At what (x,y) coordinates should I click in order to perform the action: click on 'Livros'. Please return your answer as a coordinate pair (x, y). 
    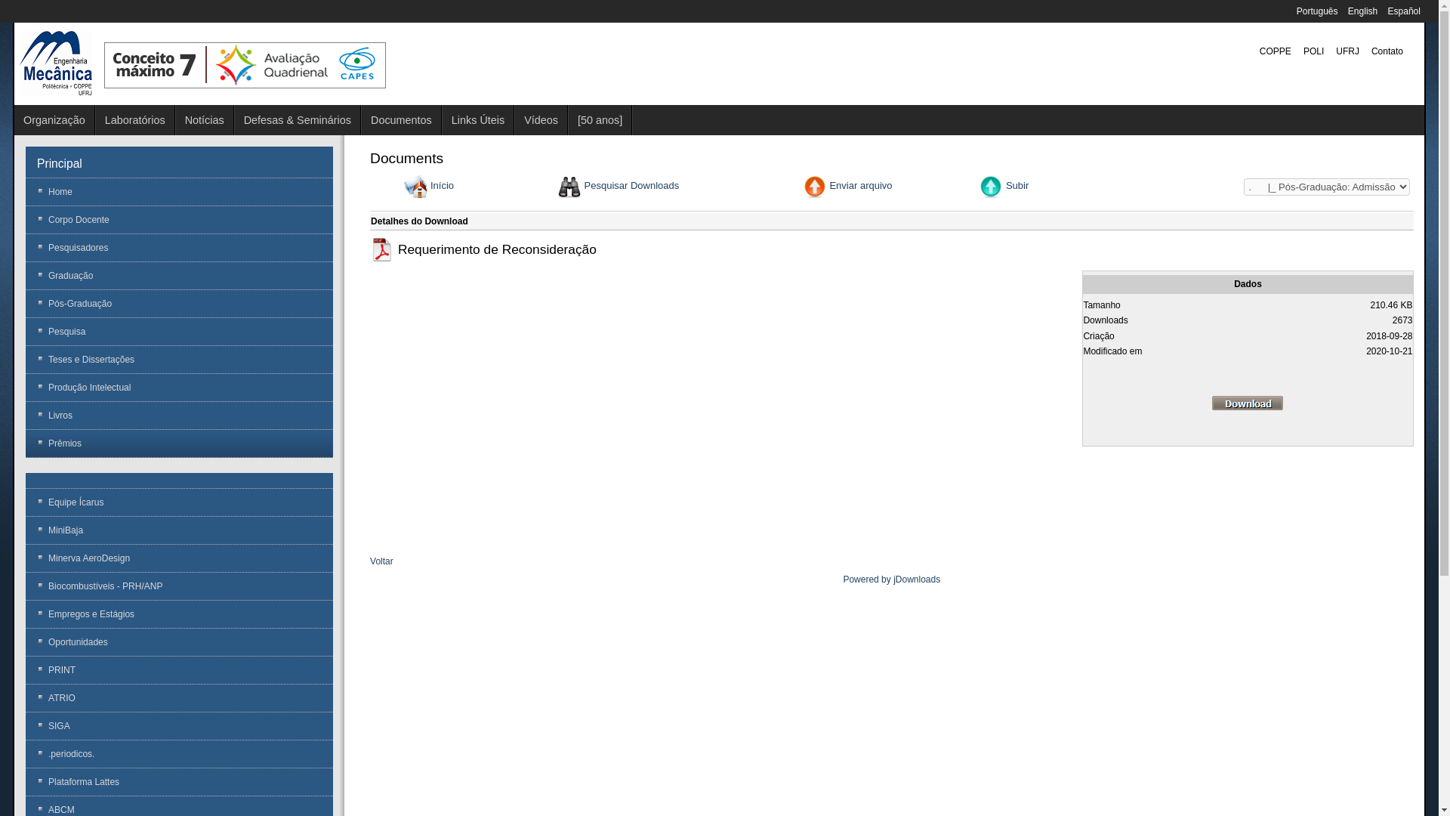
    Looking at the image, I should click on (25, 416).